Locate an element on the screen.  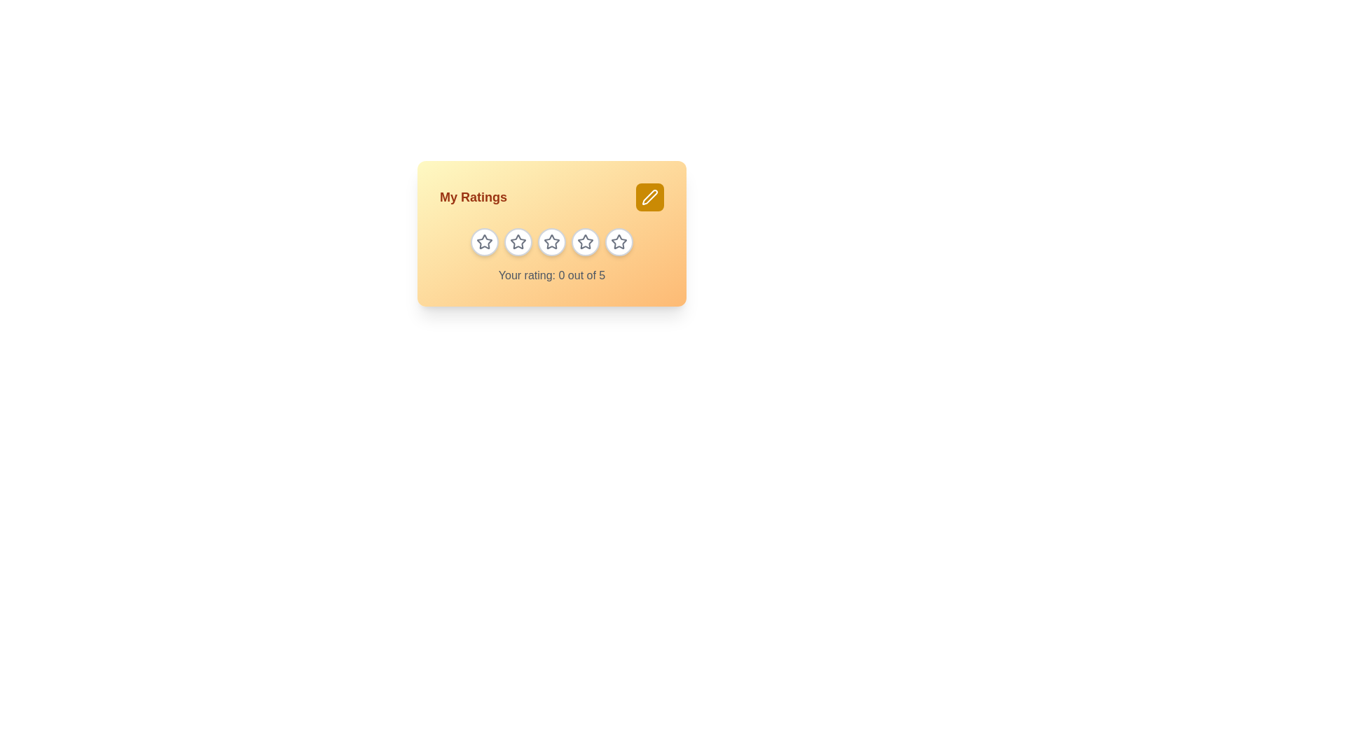
the square button with rounded corners and a yellow background that contains a white pen icon, located in the top-right corner of the 'My Ratings' section is located at coordinates (649, 197).